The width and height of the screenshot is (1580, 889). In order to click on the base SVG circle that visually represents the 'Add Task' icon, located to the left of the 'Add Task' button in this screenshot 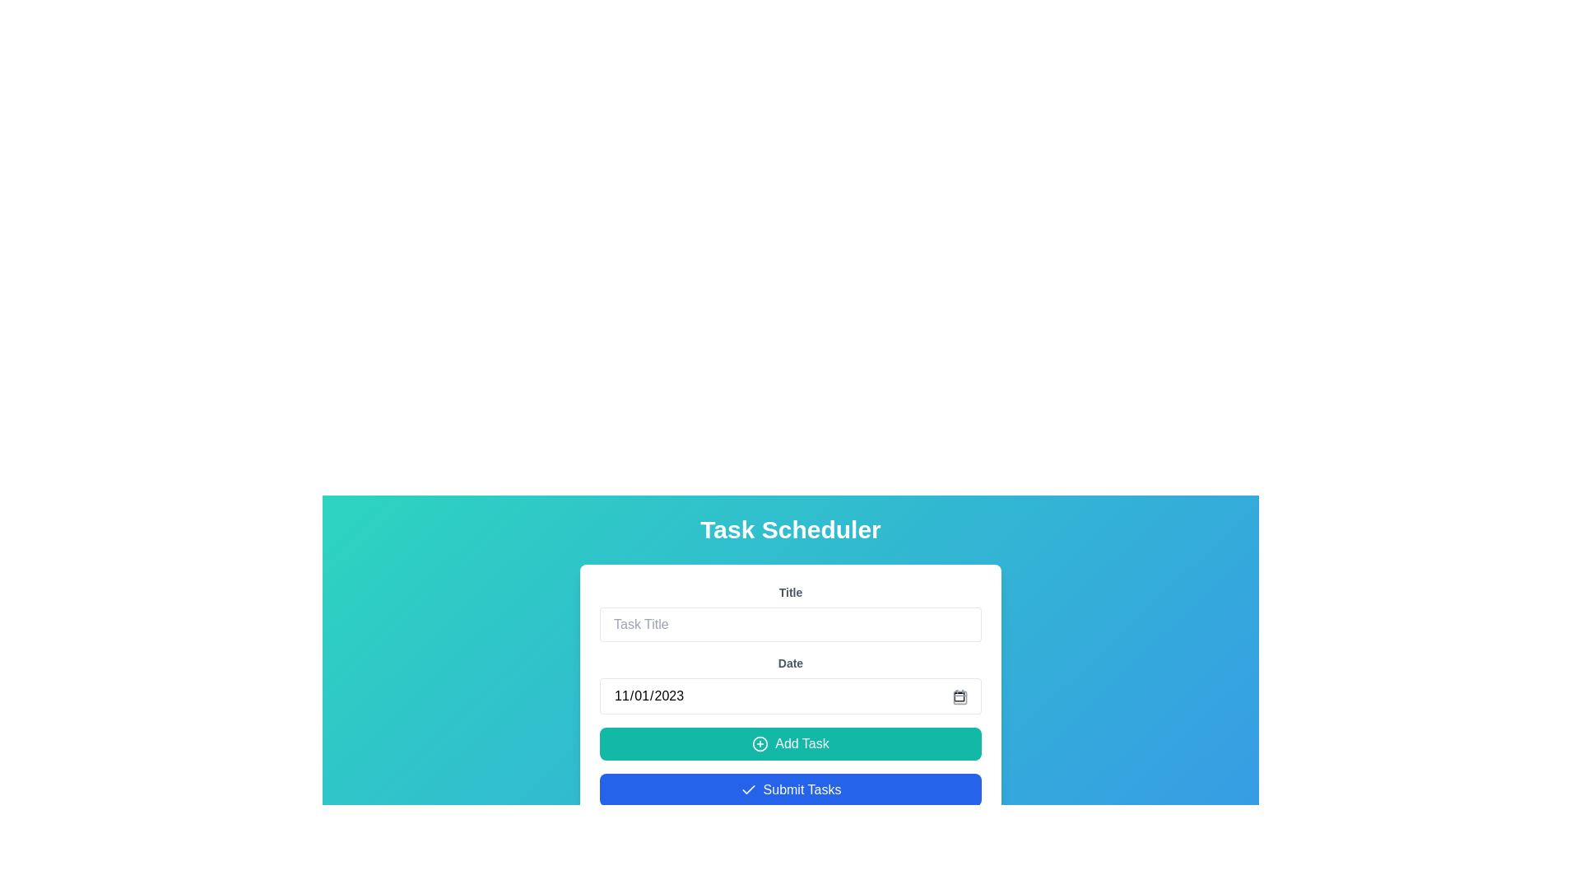, I will do `click(760, 743)`.